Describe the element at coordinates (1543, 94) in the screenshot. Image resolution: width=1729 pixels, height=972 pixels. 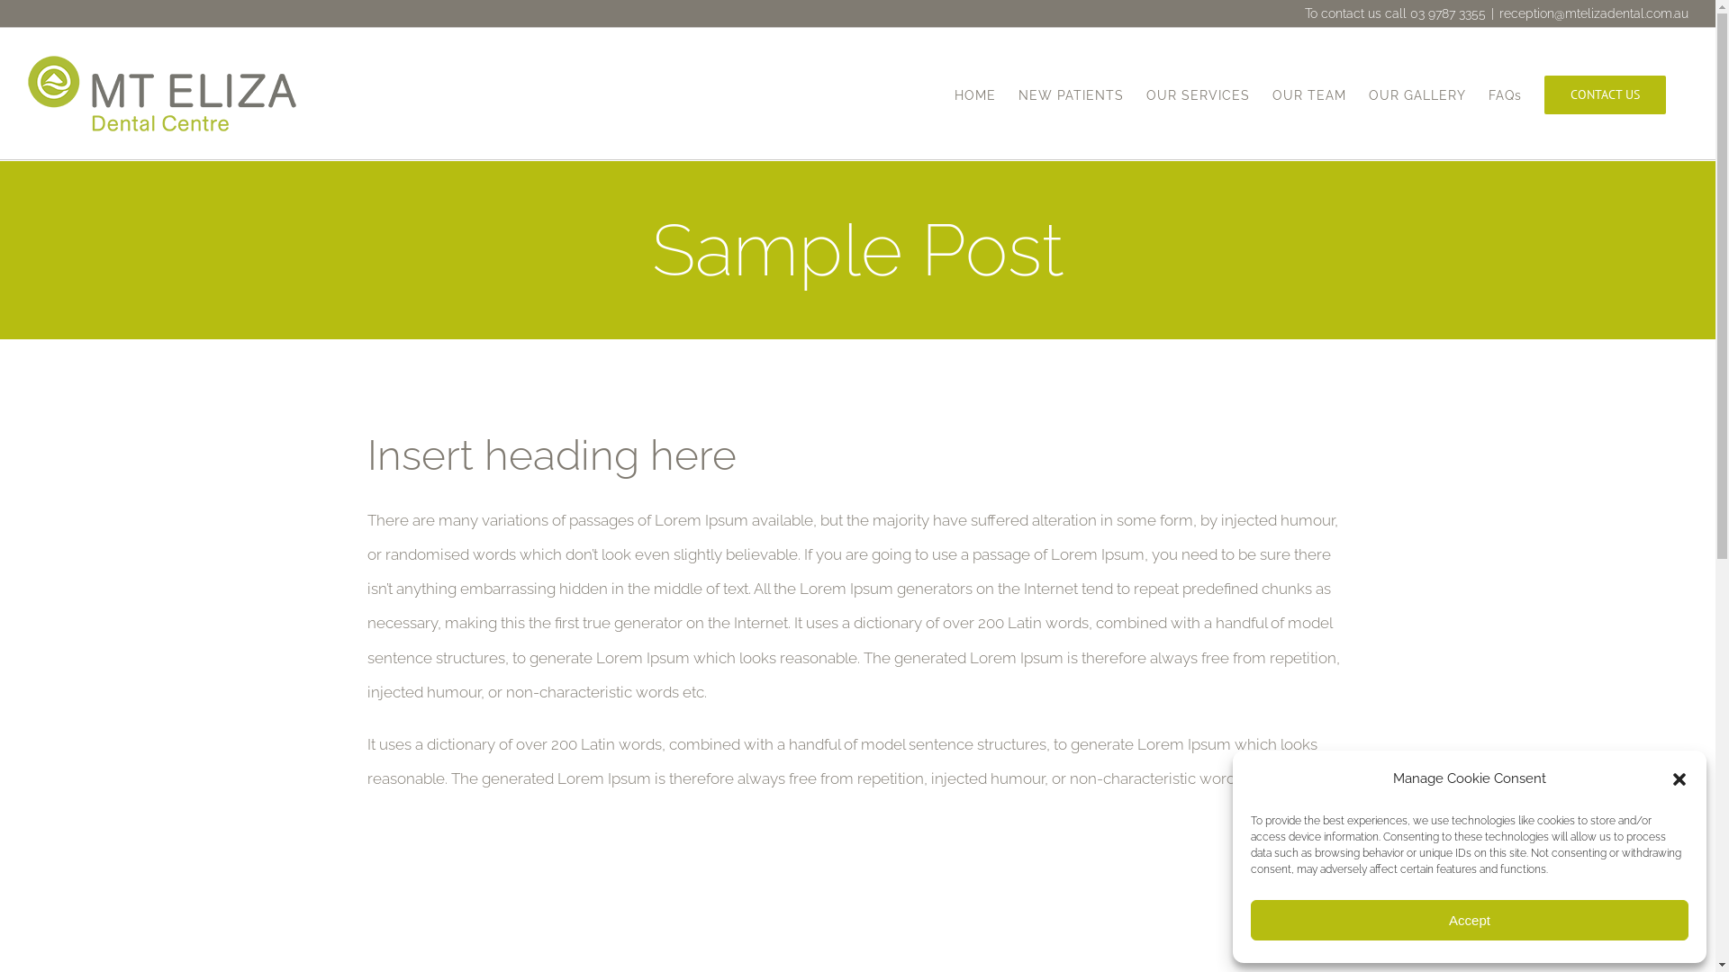
I see `'CONTACT US'` at that location.